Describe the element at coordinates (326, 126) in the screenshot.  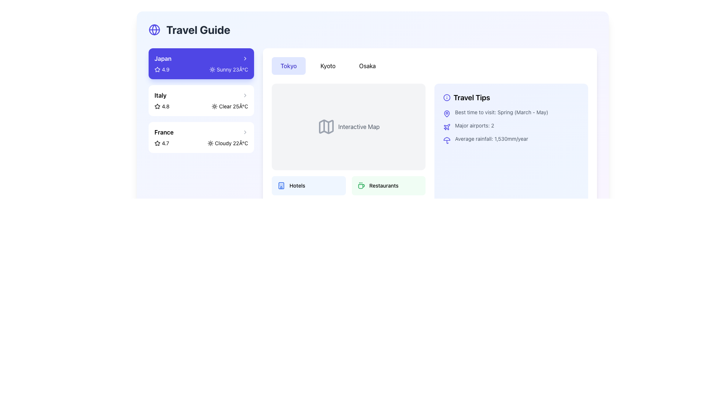
I see `the interactive map icon located centrally under the 'Interactive Map' heading, which serves as a visual anchor for further interactions` at that location.